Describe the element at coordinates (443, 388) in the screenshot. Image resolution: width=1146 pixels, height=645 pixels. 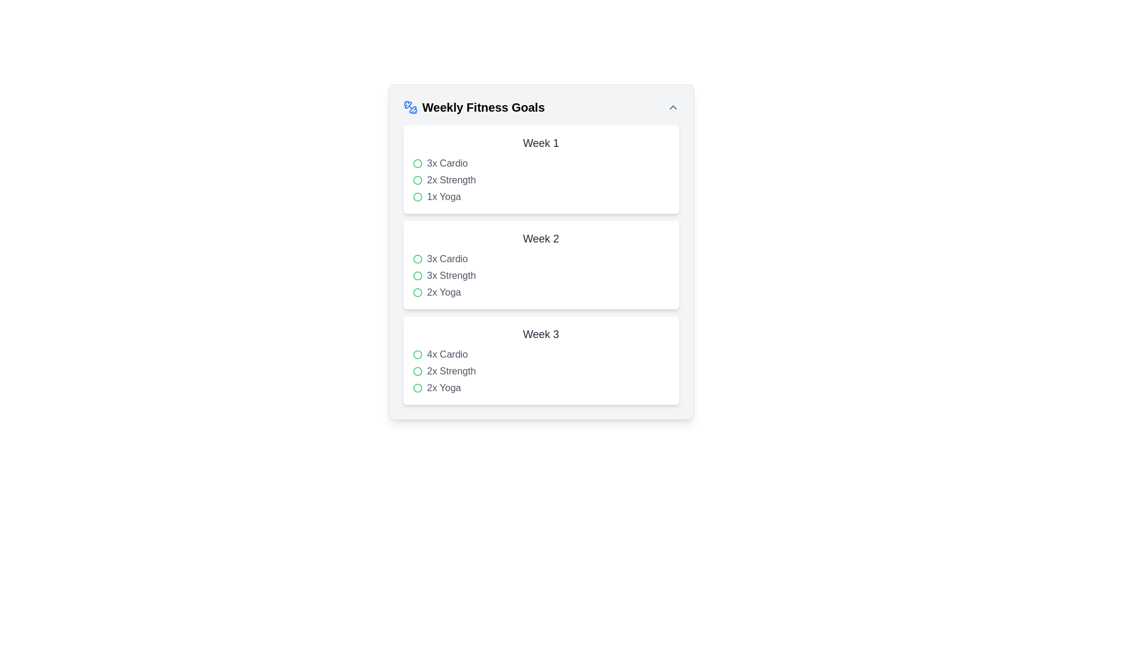
I see `the text label indicating the specific fitness activity and its count in the 'Week 3' section, which is the last item in the list of 'Weekly Fitness Goals'` at that location.